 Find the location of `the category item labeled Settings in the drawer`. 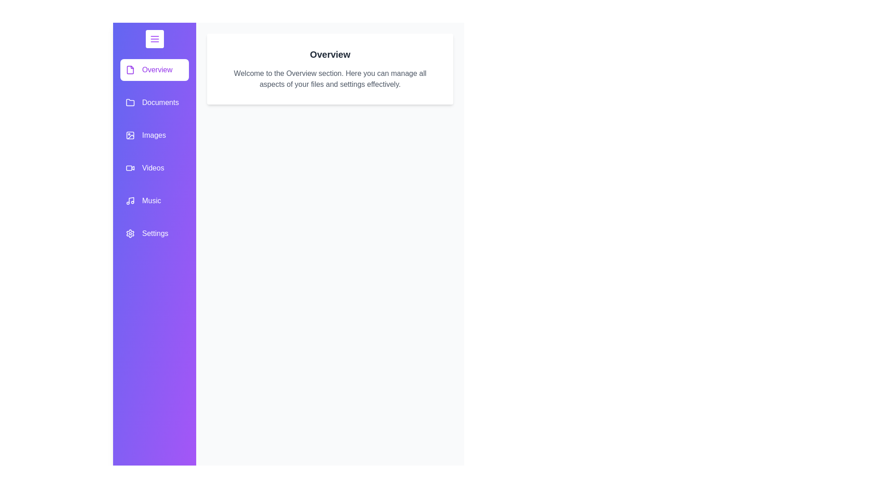

the category item labeled Settings in the drawer is located at coordinates (154, 233).